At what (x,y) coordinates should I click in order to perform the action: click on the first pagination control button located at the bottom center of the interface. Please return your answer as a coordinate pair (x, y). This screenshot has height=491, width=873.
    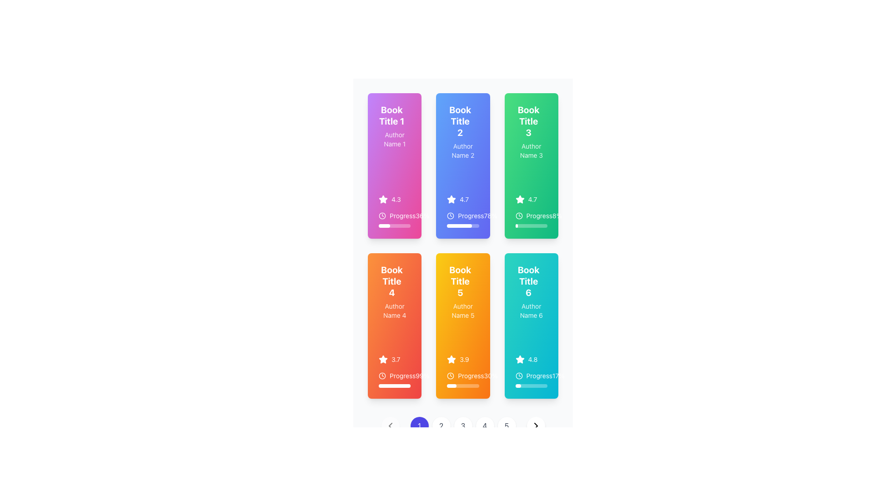
    Looking at the image, I should click on (419, 426).